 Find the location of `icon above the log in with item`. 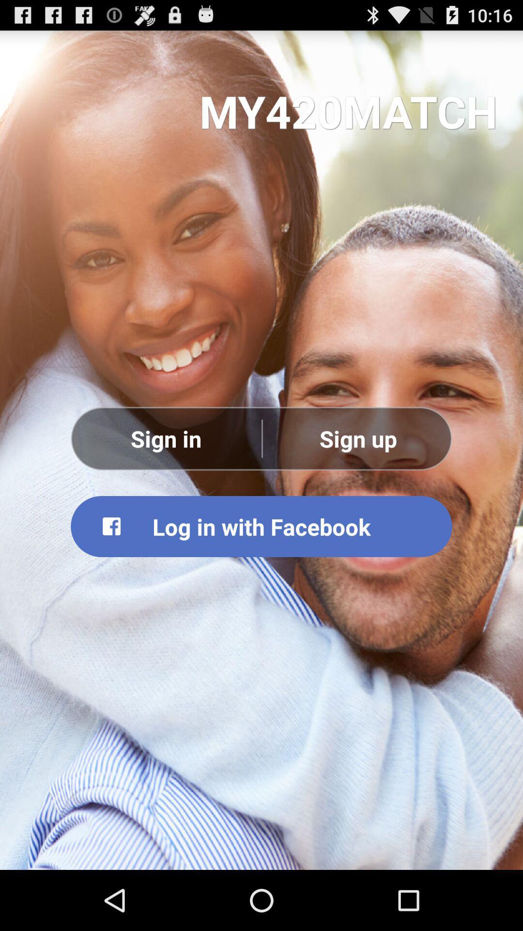

icon above the log in with item is located at coordinates (357, 438).